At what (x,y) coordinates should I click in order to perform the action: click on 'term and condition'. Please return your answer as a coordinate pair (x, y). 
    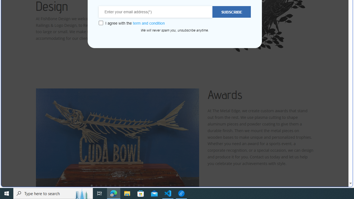
    Looking at the image, I should click on (149, 23).